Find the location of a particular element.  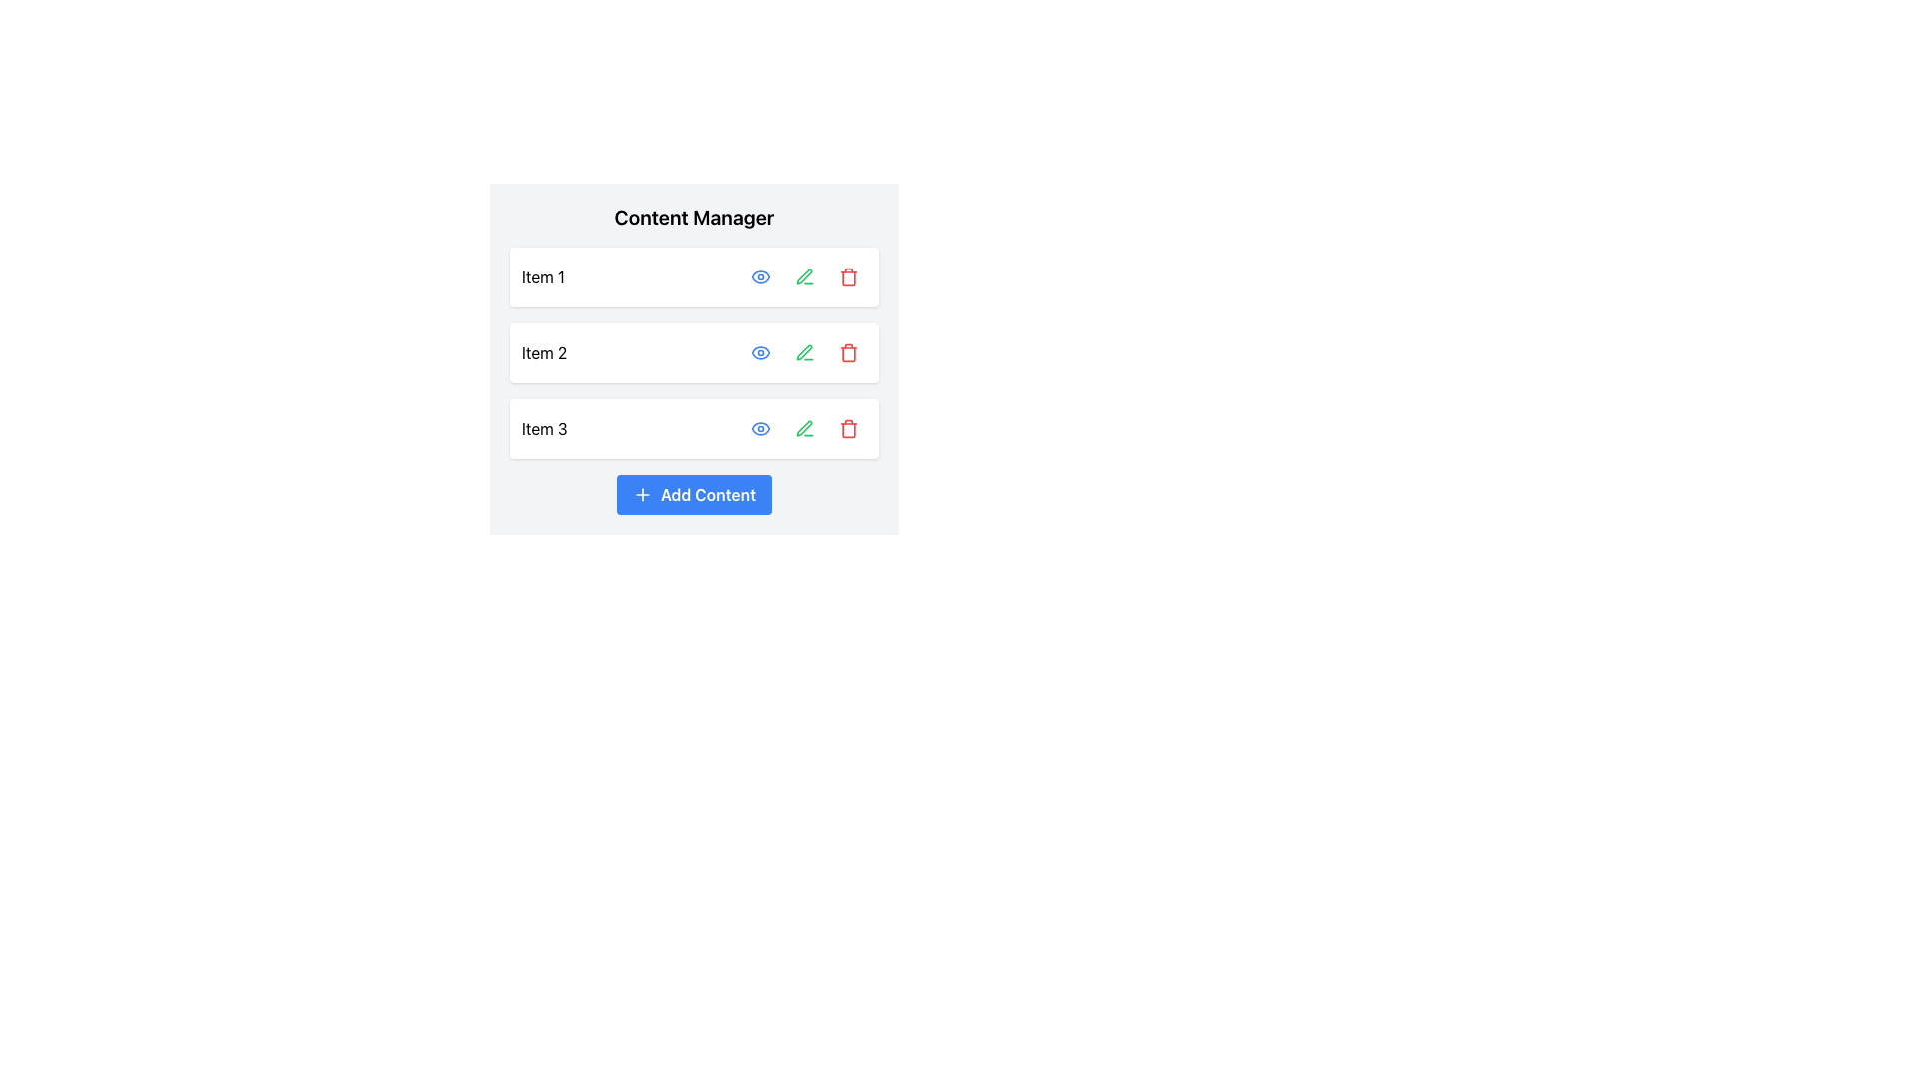

the red trash-bin icon button, which is the third button in the row of controls for the second content item under 'Content Manager' is located at coordinates (848, 352).